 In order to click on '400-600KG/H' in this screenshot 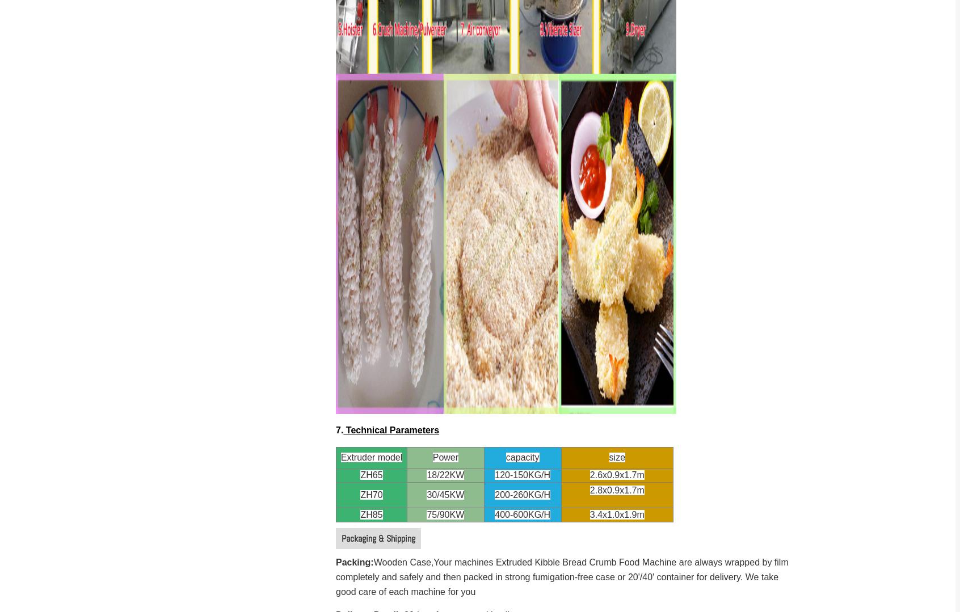, I will do `click(522, 514)`.